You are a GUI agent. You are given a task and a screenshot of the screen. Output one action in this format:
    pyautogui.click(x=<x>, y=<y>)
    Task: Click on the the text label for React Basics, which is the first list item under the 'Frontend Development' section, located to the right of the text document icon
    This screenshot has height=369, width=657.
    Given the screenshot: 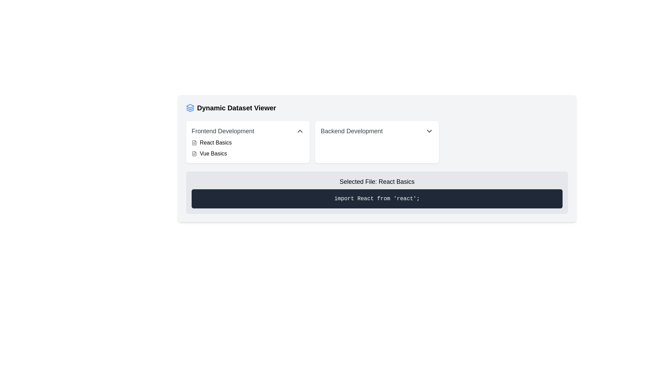 What is the action you would take?
    pyautogui.click(x=215, y=142)
    